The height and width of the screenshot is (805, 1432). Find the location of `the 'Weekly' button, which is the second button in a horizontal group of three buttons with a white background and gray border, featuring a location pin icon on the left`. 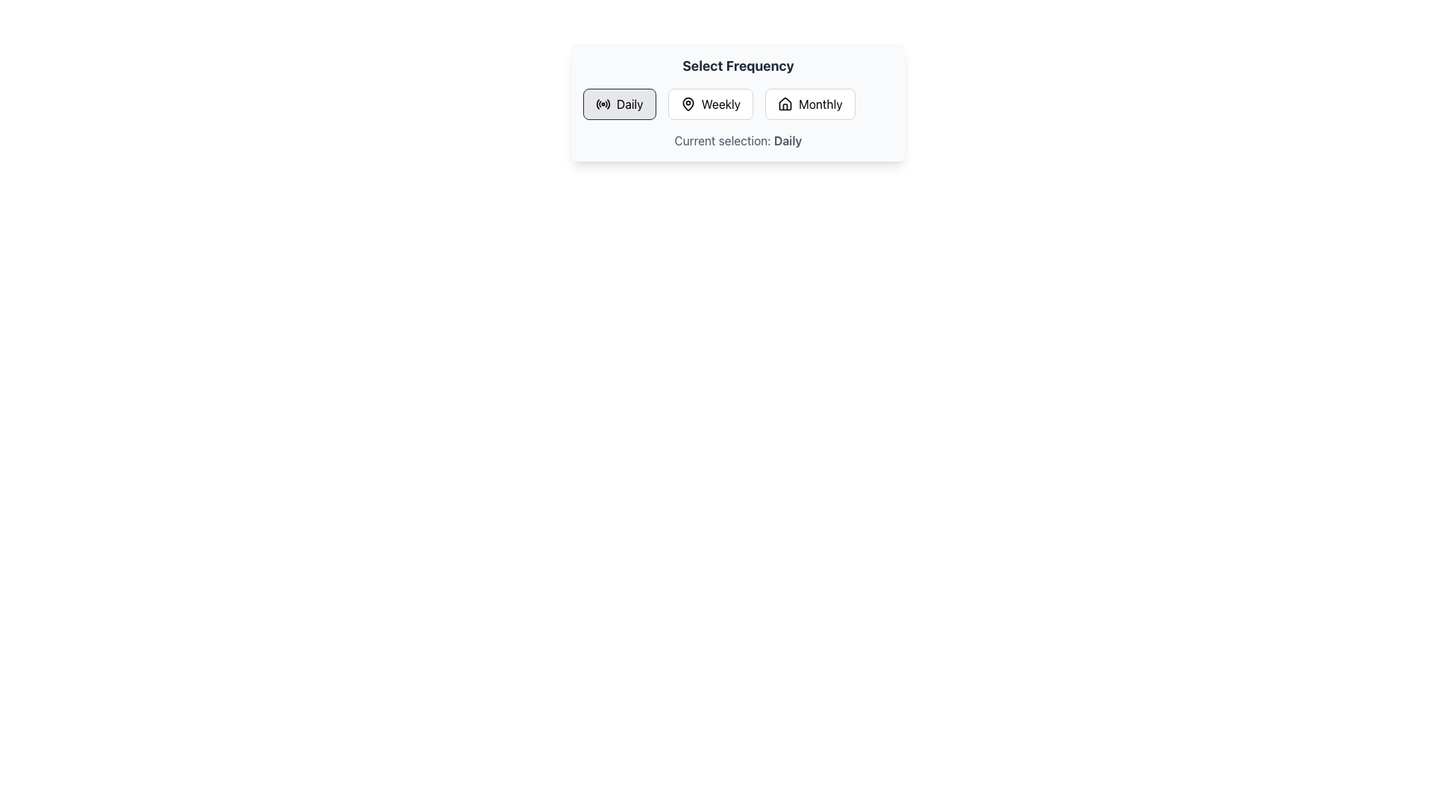

the 'Weekly' button, which is the second button in a horizontal group of three buttons with a white background and gray border, featuring a location pin icon on the left is located at coordinates (709, 103).